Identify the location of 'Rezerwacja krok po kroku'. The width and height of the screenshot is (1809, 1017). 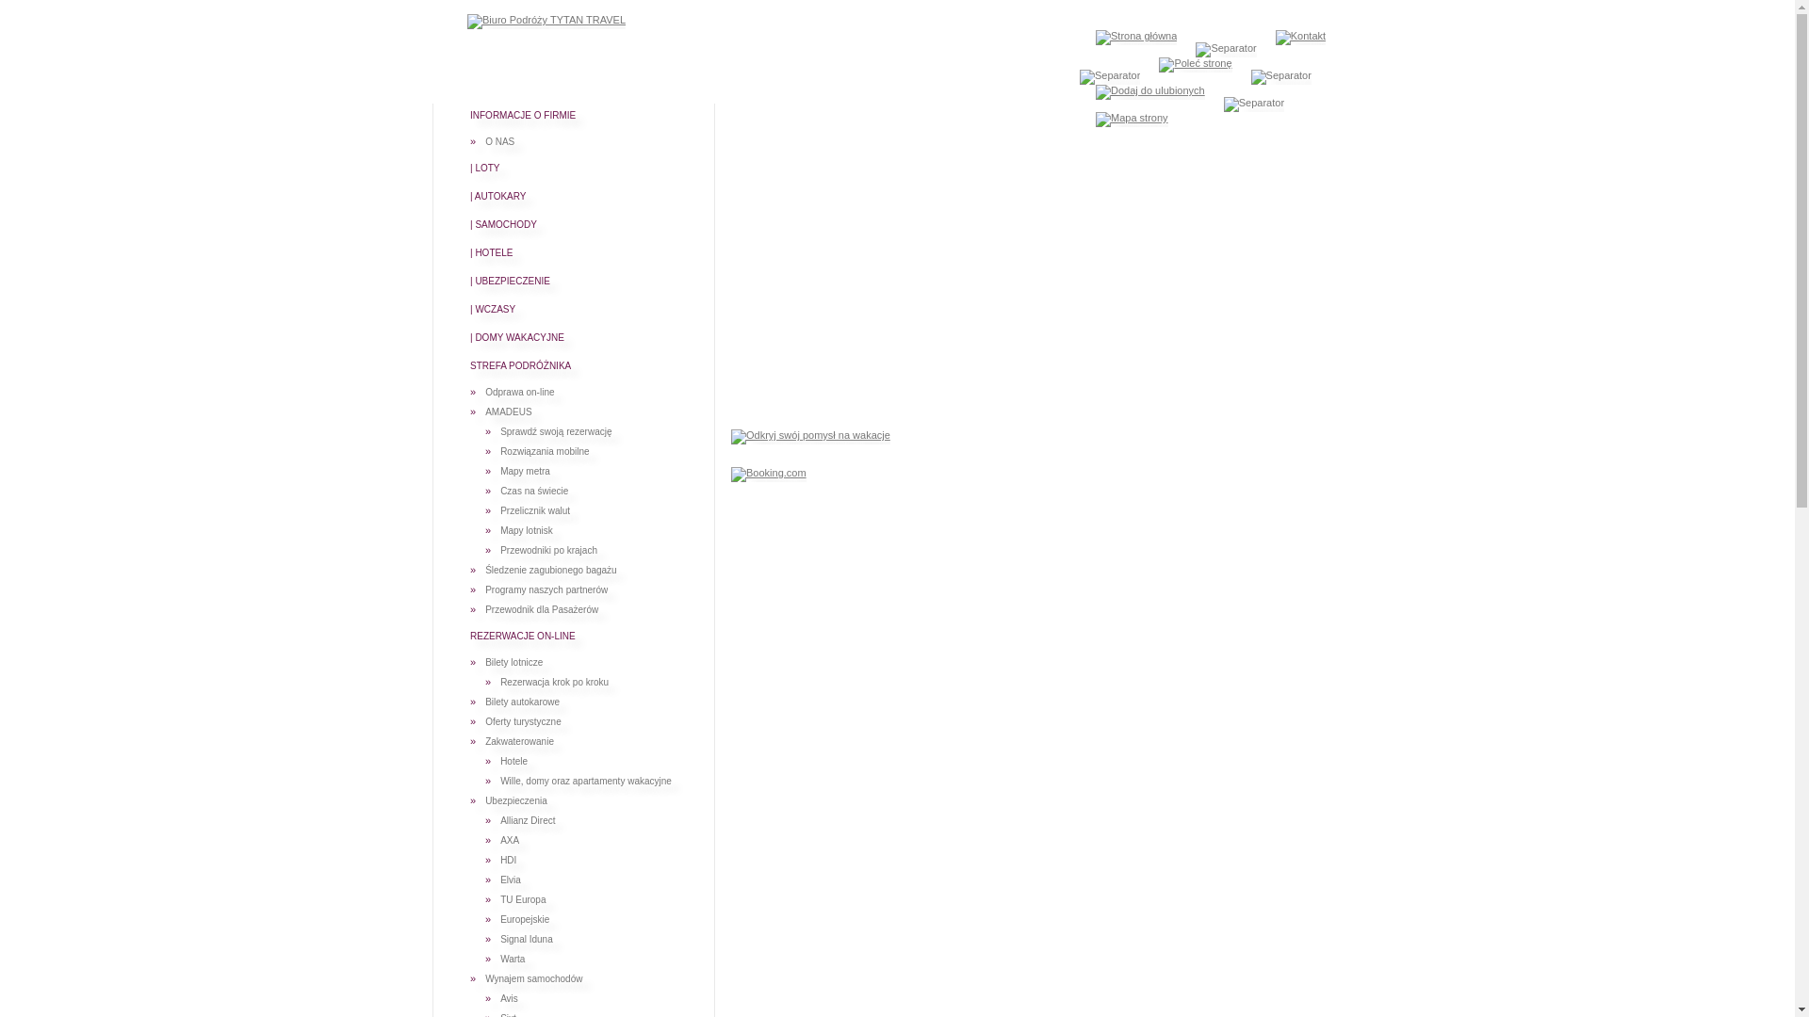
(553, 683).